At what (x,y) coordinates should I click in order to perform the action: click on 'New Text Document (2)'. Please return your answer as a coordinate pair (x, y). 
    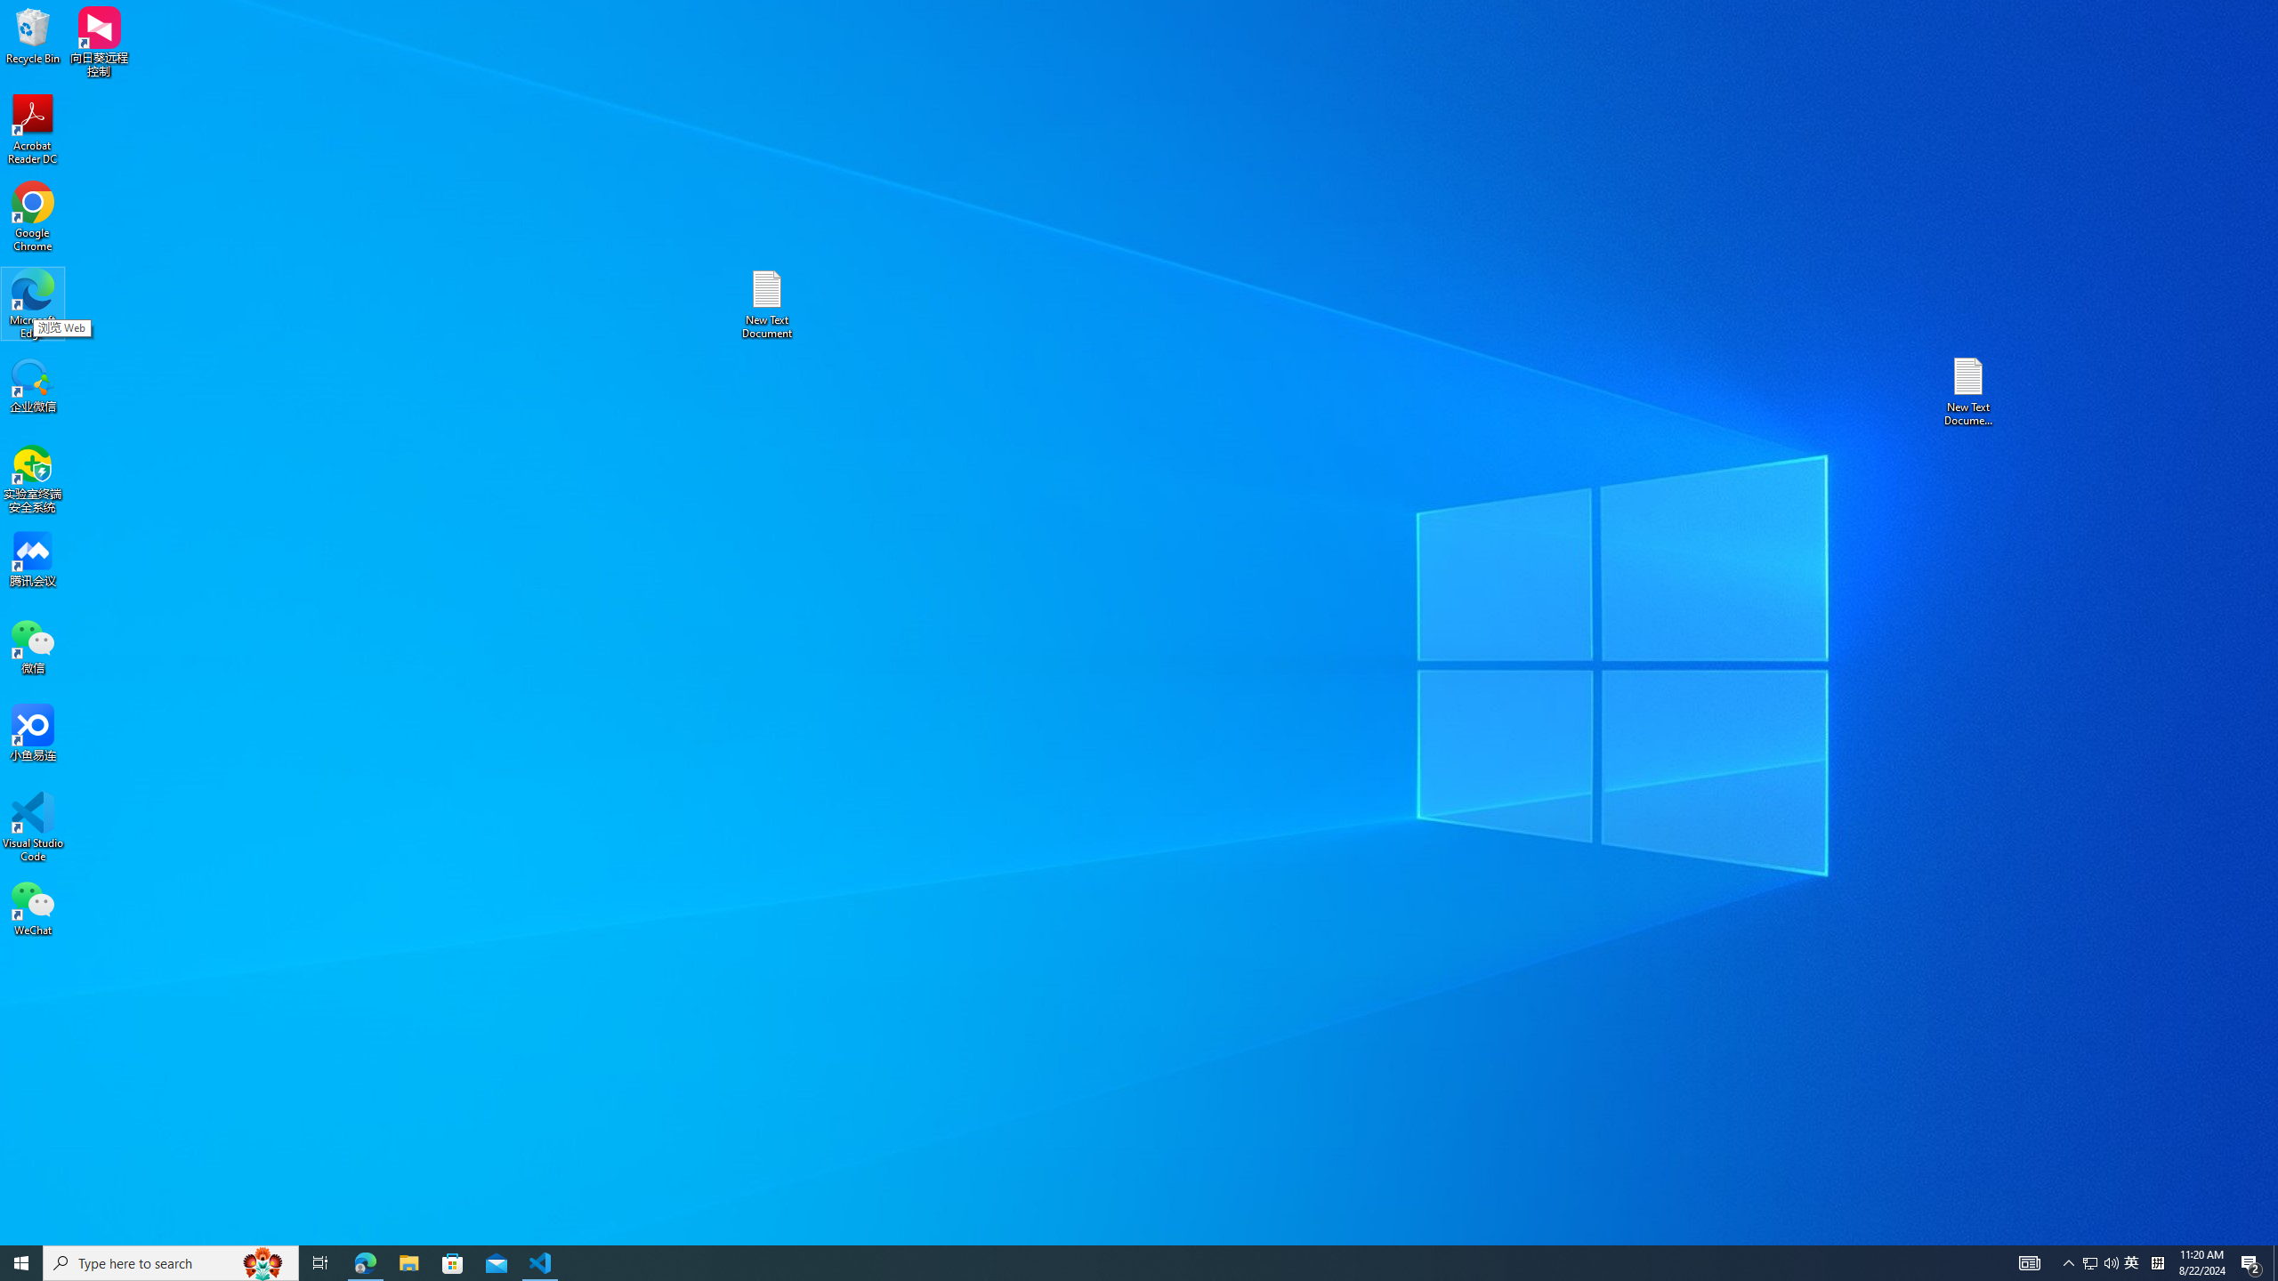
    Looking at the image, I should click on (1969, 390).